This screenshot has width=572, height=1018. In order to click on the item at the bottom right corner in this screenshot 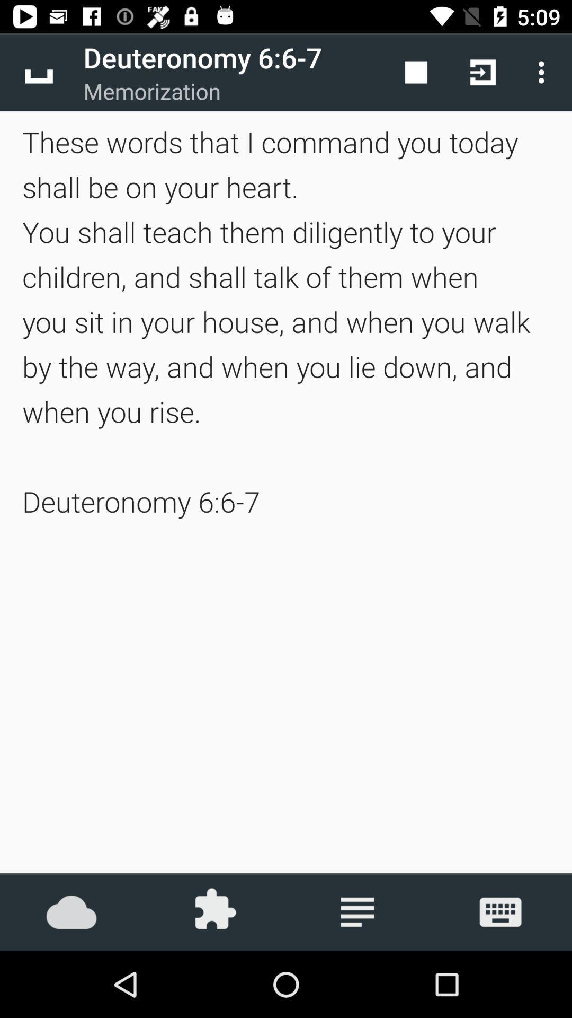, I will do `click(501, 911)`.